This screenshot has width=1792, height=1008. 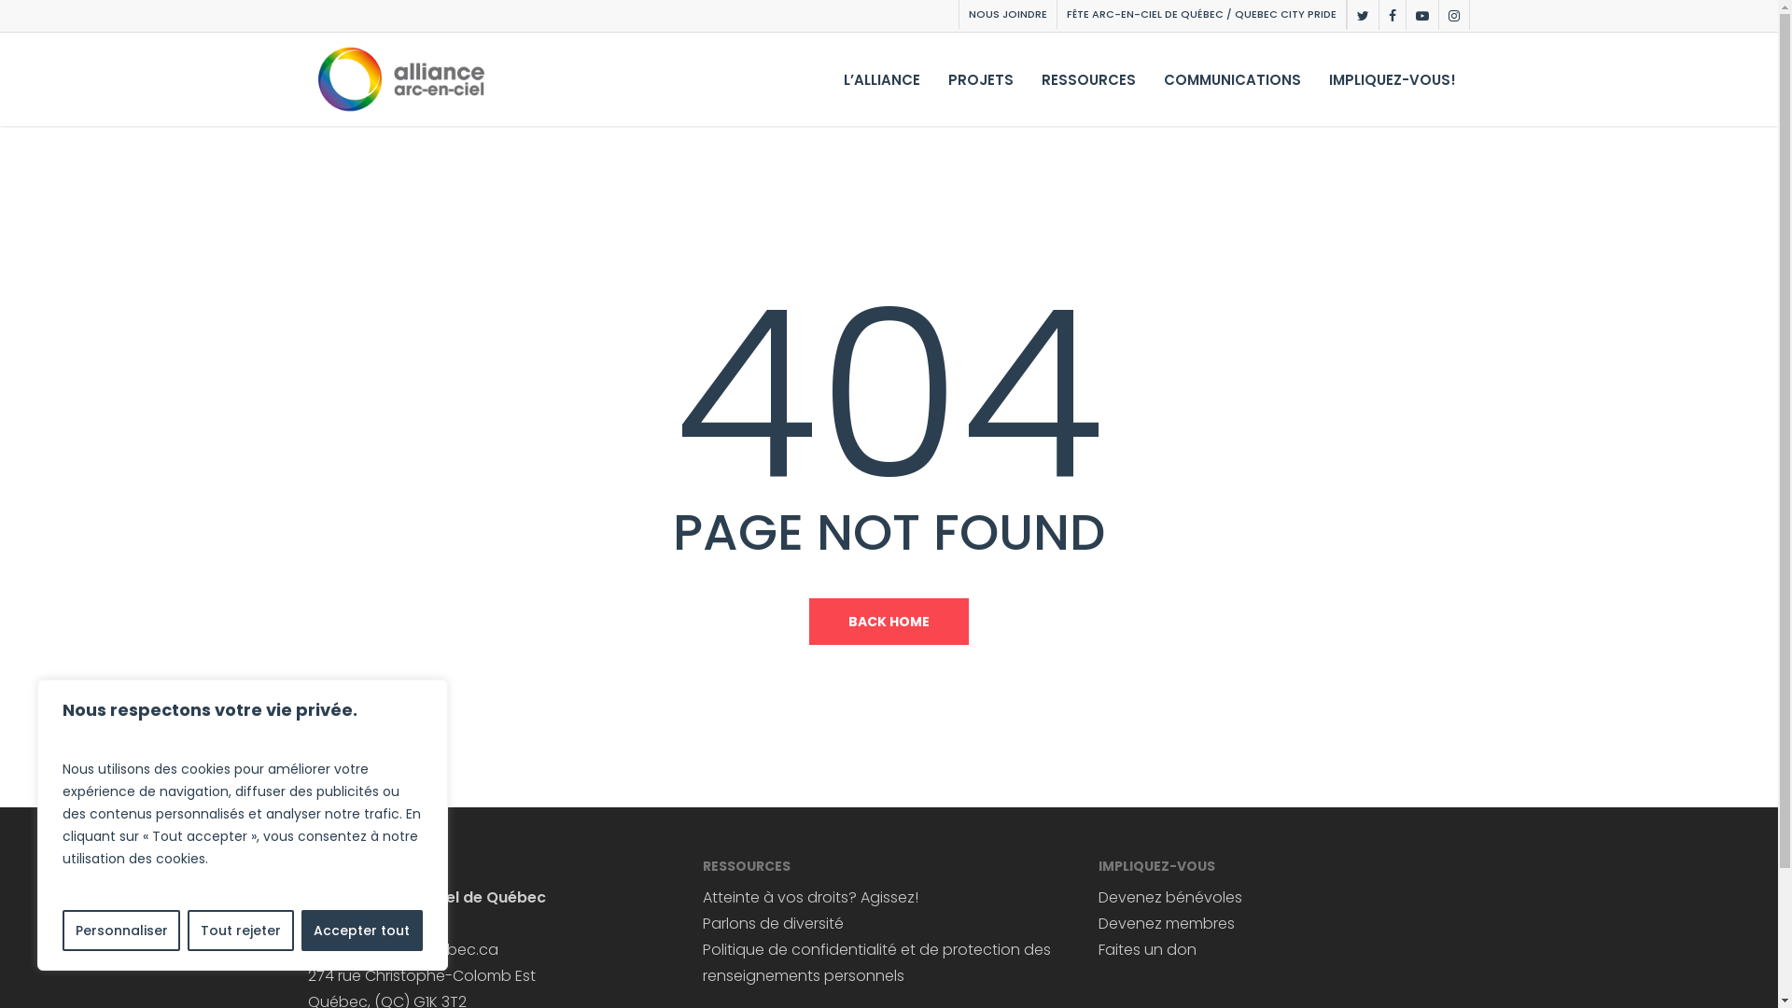 I want to click on 'Tout rejeter', so click(x=239, y=930).